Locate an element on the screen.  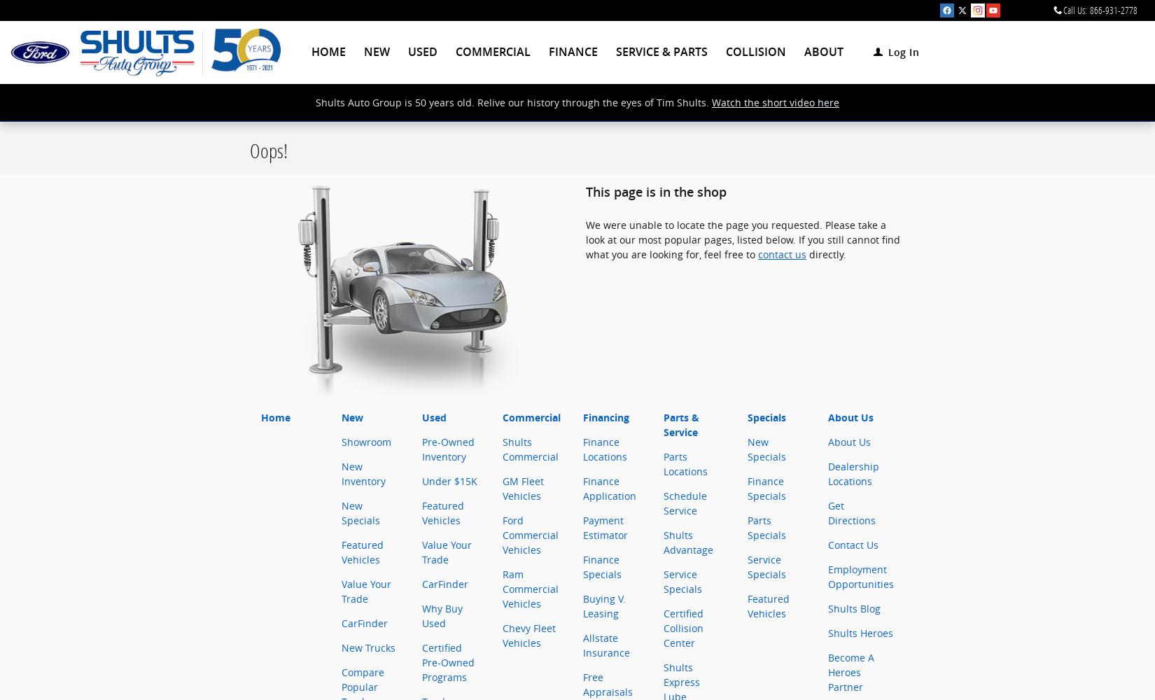
'Pre-Owned Inventory' is located at coordinates (447, 449).